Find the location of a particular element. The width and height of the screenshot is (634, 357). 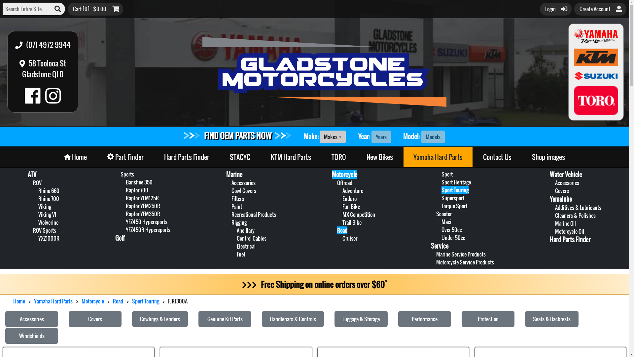

'Raptor 700' is located at coordinates (125, 190).